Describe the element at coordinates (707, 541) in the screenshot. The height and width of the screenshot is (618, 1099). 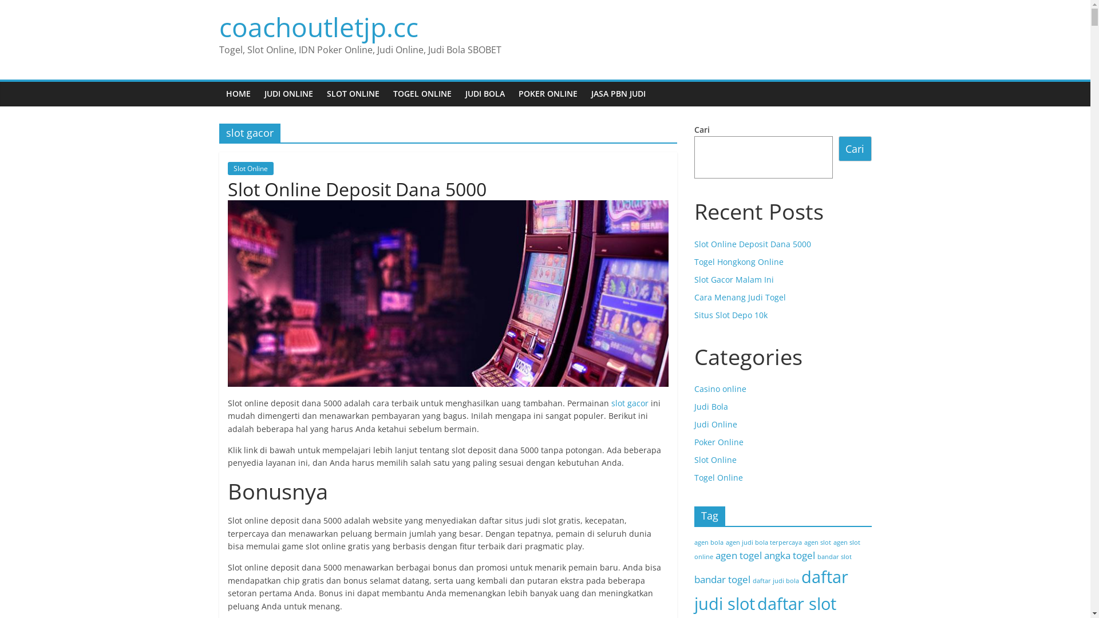
I see `'agen bola'` at that location.